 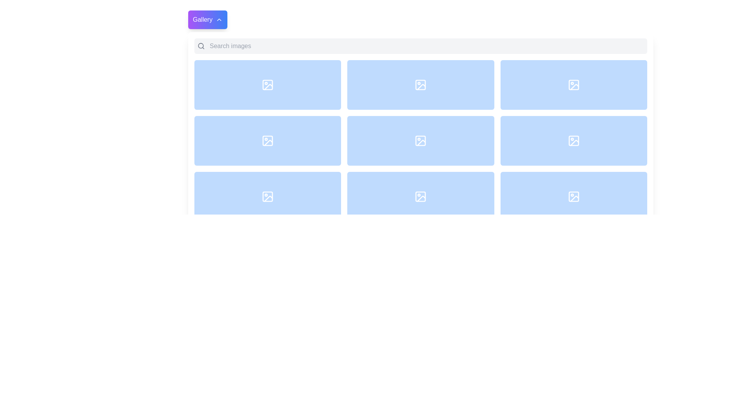 I want to click on the Decorative SVG component within the image placeholder icon located in the fourth column and third row of the grid layout, so click(x=268, y=196).